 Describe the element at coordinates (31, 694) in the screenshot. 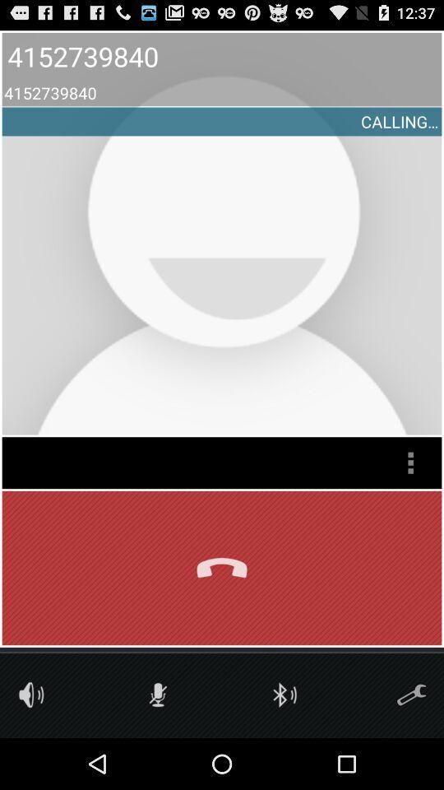

I see `audio options` at that location.